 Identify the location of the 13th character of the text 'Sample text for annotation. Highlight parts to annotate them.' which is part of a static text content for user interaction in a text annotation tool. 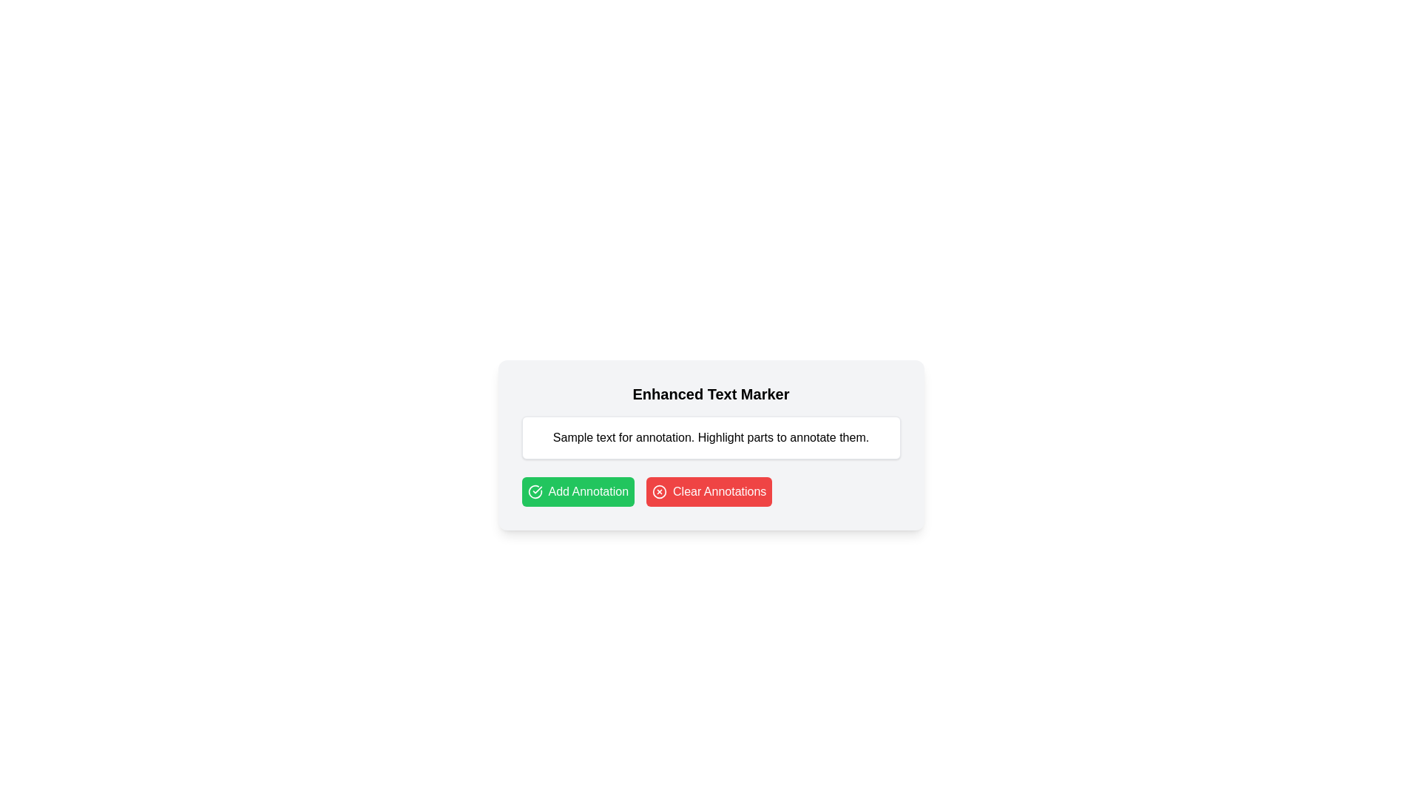
(621, 436).